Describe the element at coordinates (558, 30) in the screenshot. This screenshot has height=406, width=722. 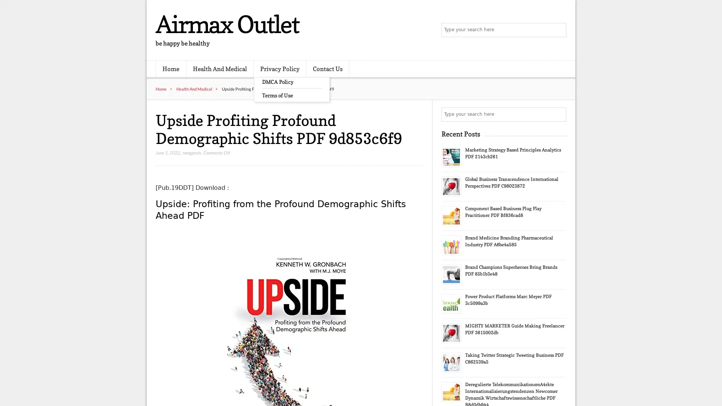
I see `Search` at that location.